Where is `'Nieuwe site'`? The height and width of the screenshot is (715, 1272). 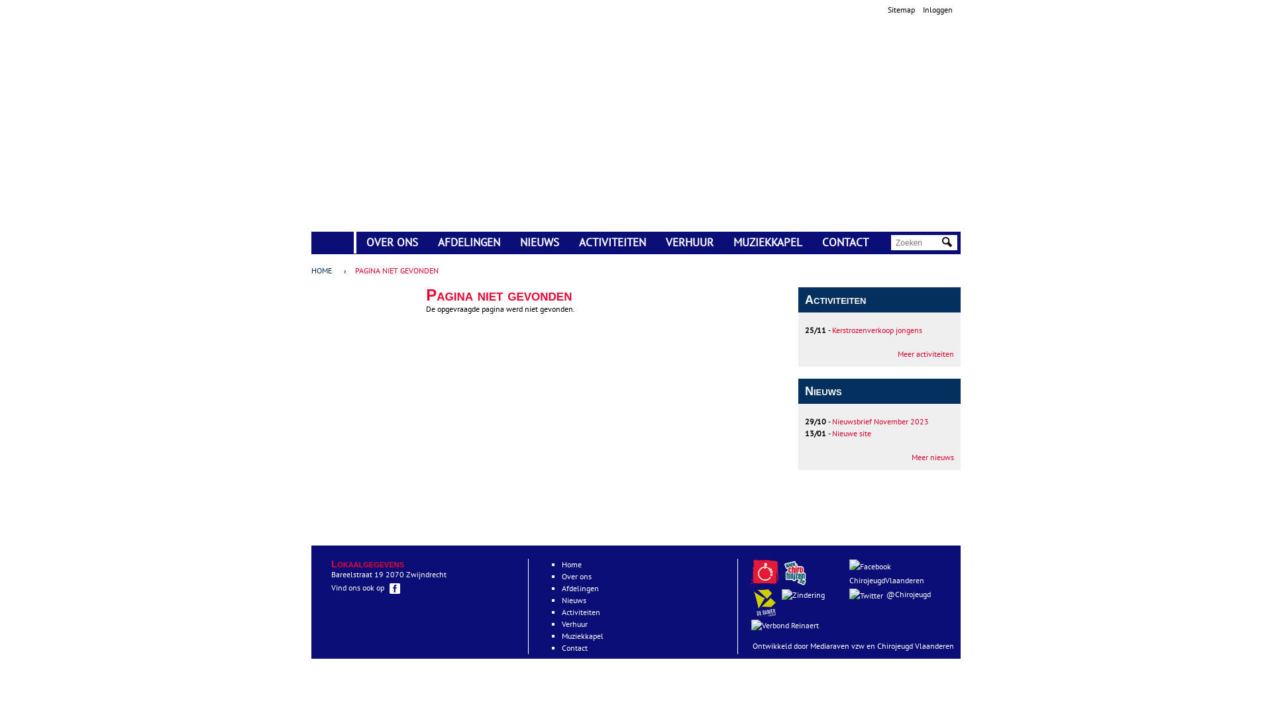 'Nieuwe site' is located at coordinates (851, 433).